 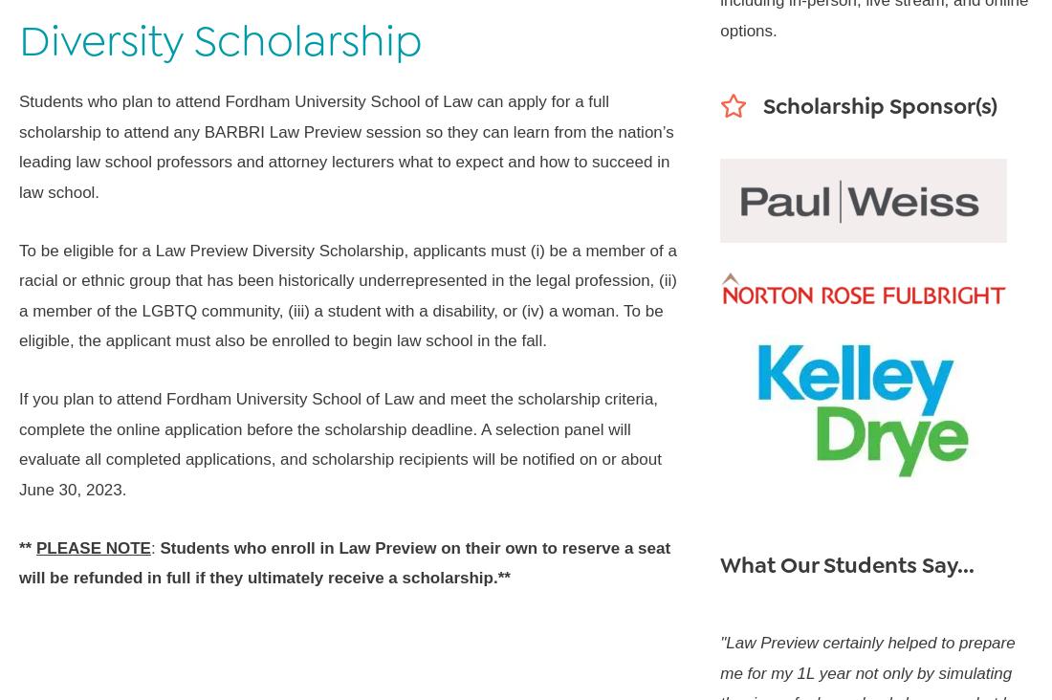 What do you see at coordinates (33, 546) in the screenshot?
I see `'PLEASE NOTE'` at bounding box center [33, 546].